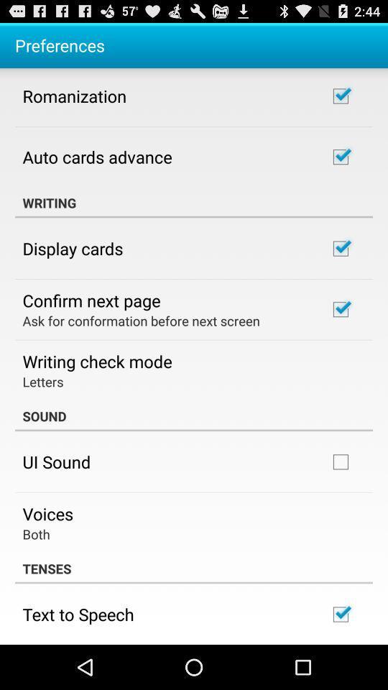 Image resolution: width=388 pixels, height=690 pixels. What do you see at coordinates (55, 461) in the screenshot?
I see `ui sound item` at bounding box center [55, 461].